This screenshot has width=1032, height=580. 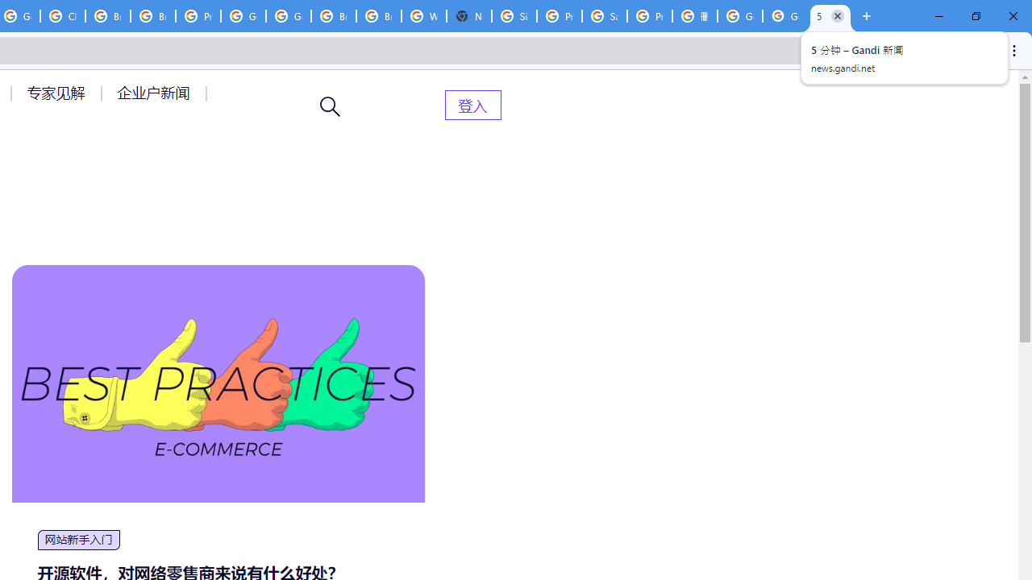 What do you see at coordinates (333, 16) in the screenshot?
I see `'Browse Chrome as a guest - Computer - Google Chrome Help'` at bounding box center [333, 16].